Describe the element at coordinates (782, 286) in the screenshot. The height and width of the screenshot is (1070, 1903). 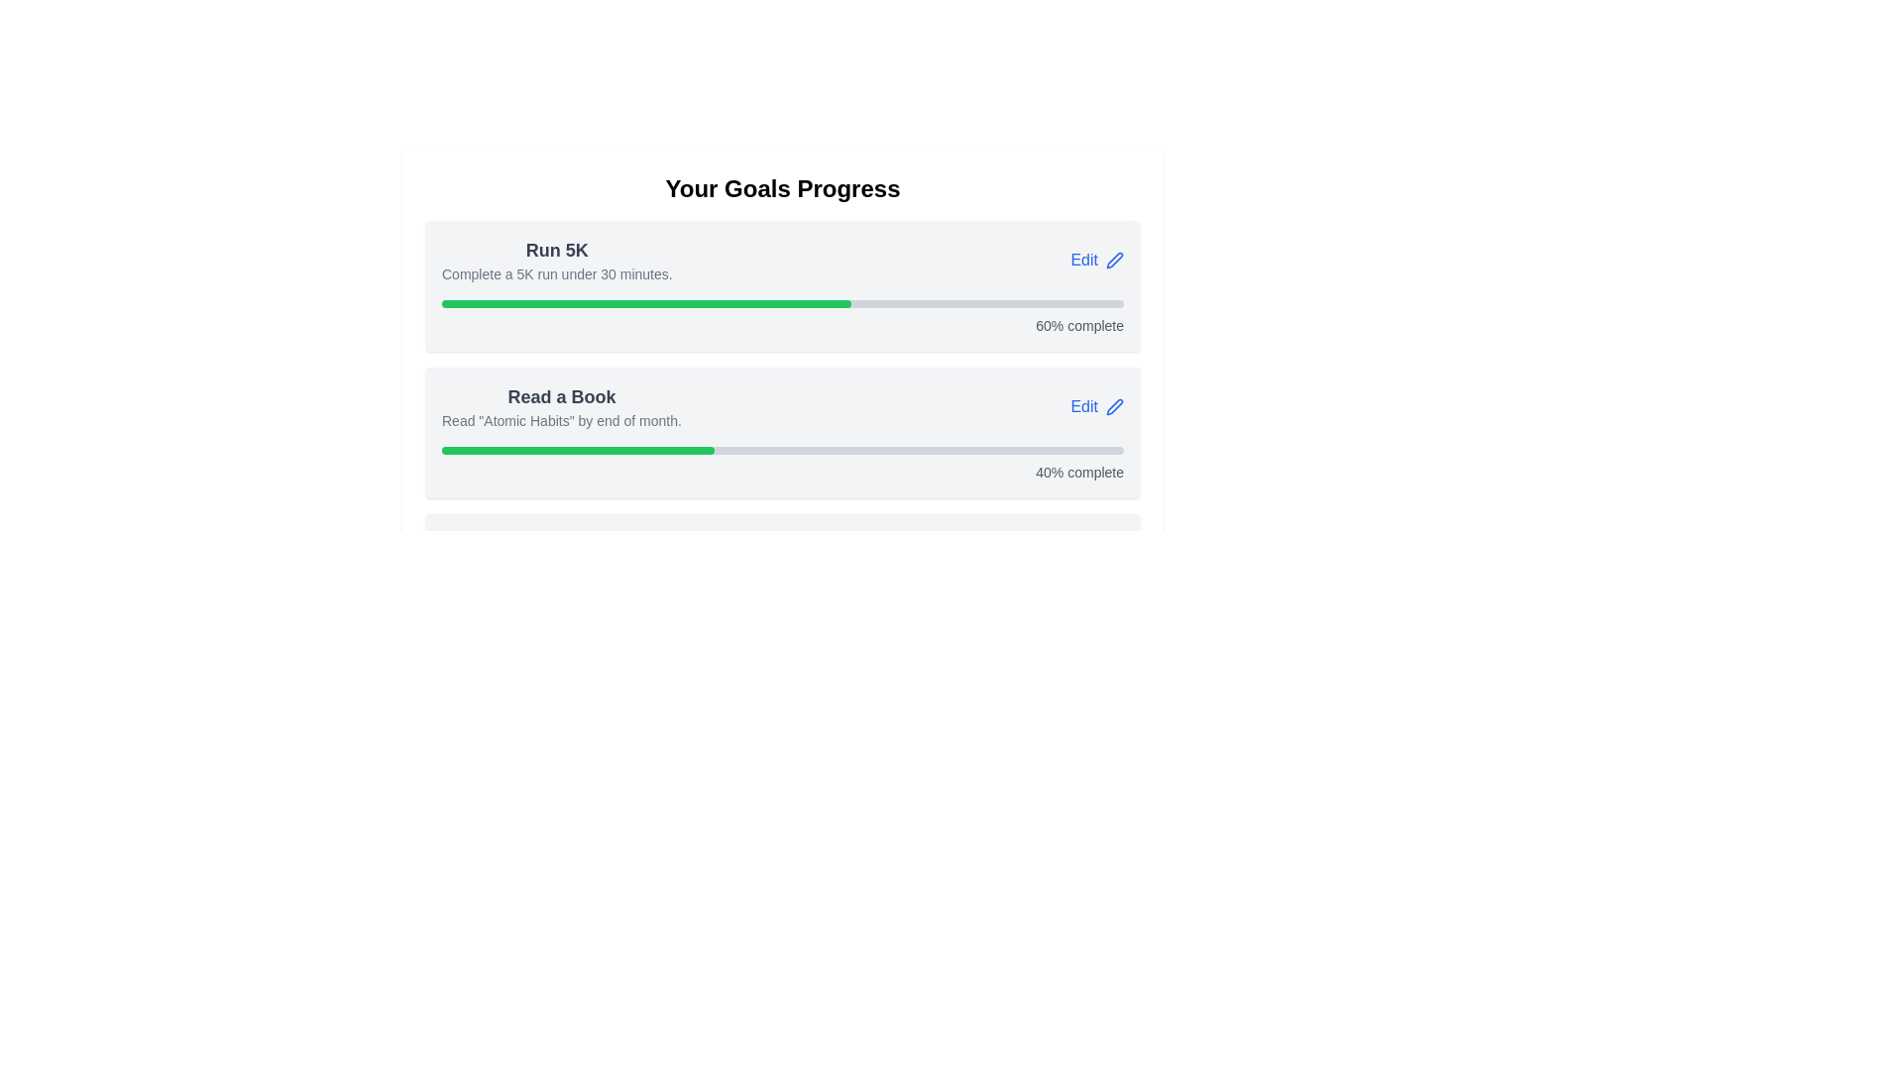
I see `the progress bar of the first goal in the 'Your Goals Progress' section` at that location.